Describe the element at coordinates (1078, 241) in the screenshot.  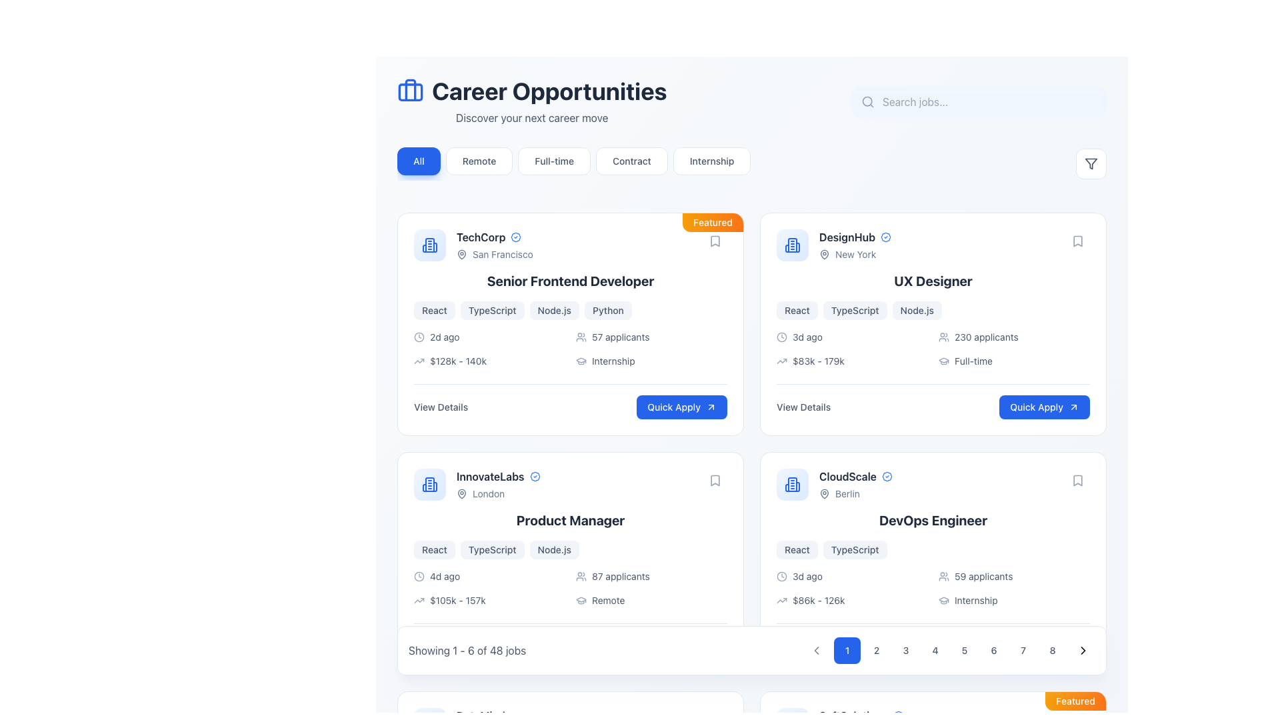
I see `the bookmark icon located in the top-right corner of the 'UX Designer' job posting card from 'DesignHub'` at that location.